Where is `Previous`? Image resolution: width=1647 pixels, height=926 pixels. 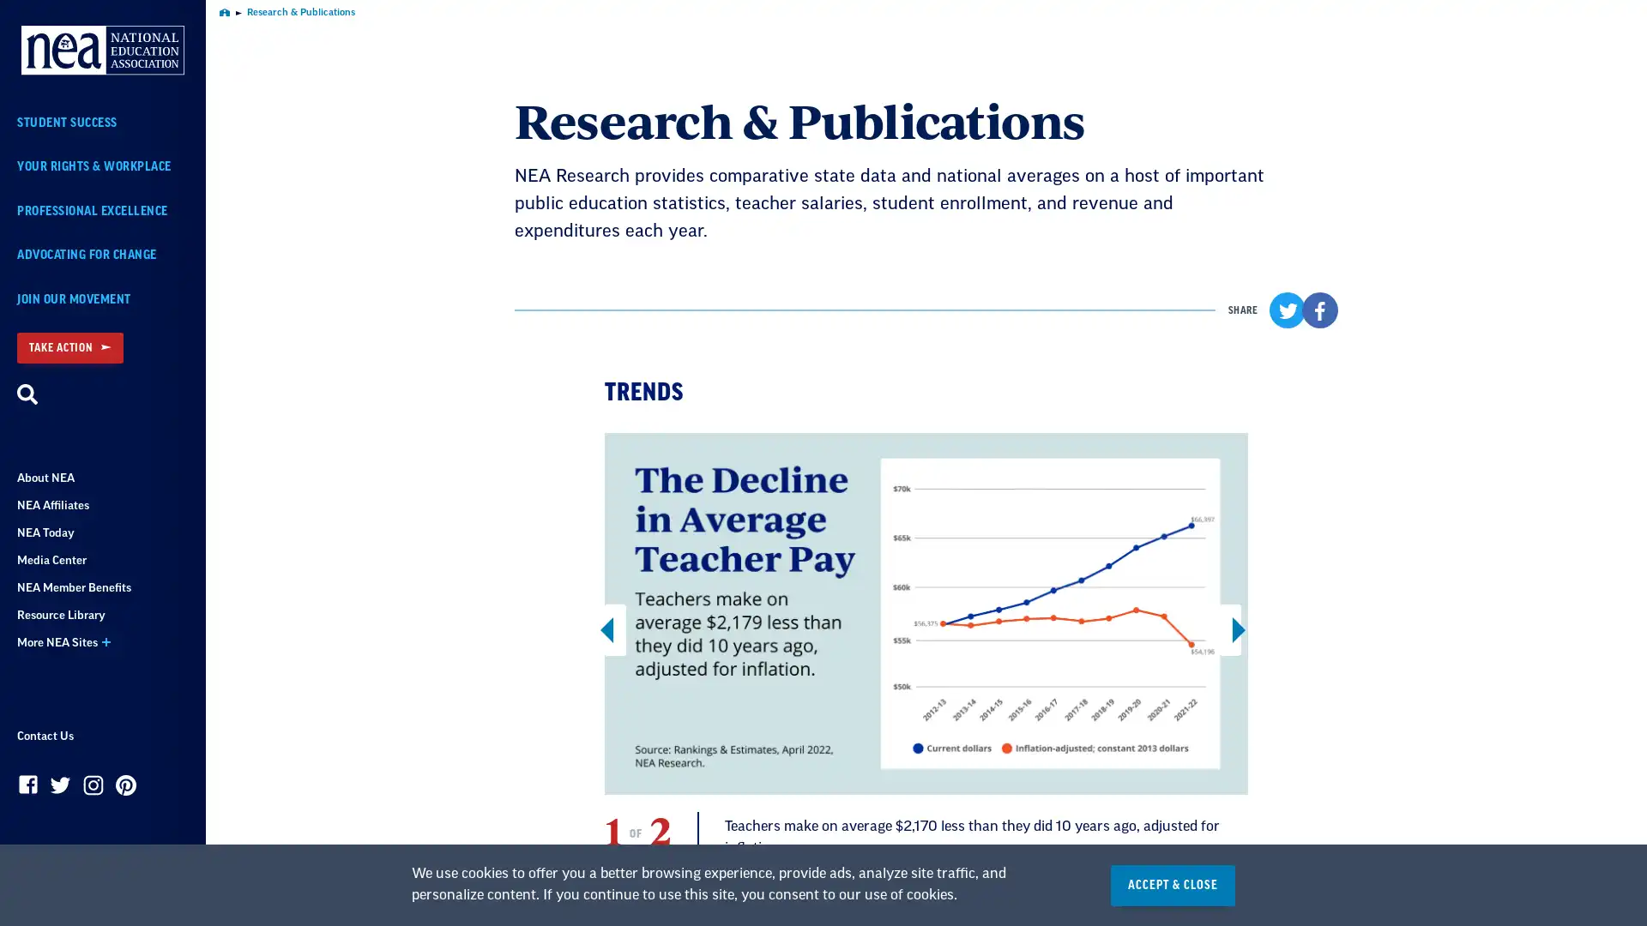
Previous is located at coordinates (615, 628).